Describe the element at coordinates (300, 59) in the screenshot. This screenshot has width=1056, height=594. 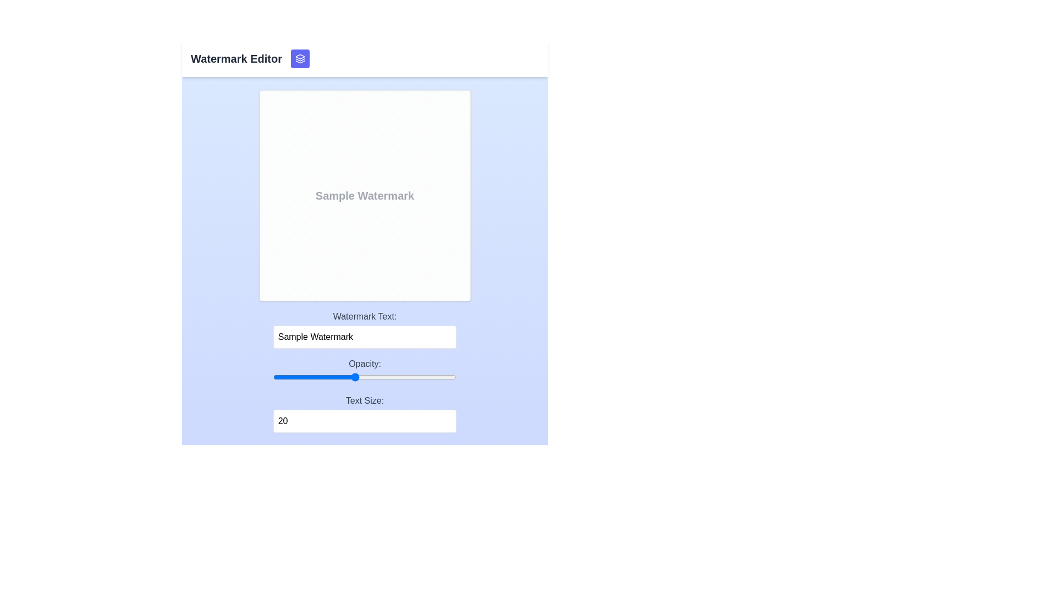
I see `the button located to the right of the 'Watermark Editor' header` at that location.